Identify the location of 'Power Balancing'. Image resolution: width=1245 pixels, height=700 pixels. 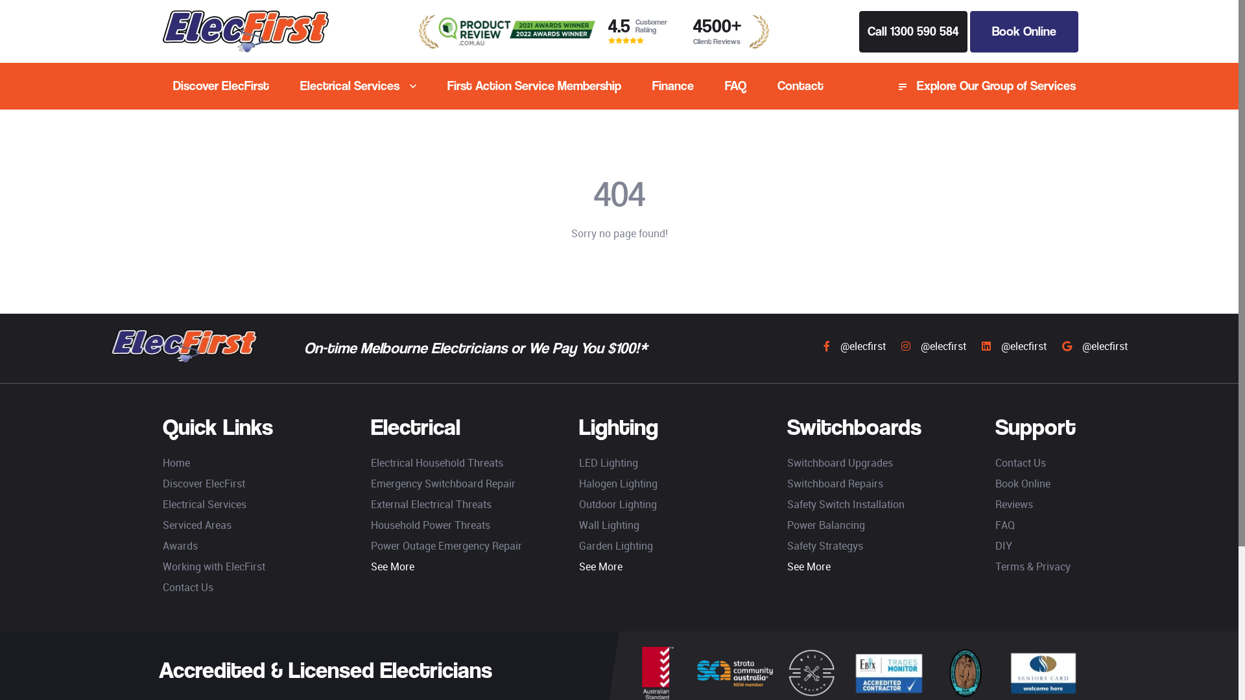
(825, 525).